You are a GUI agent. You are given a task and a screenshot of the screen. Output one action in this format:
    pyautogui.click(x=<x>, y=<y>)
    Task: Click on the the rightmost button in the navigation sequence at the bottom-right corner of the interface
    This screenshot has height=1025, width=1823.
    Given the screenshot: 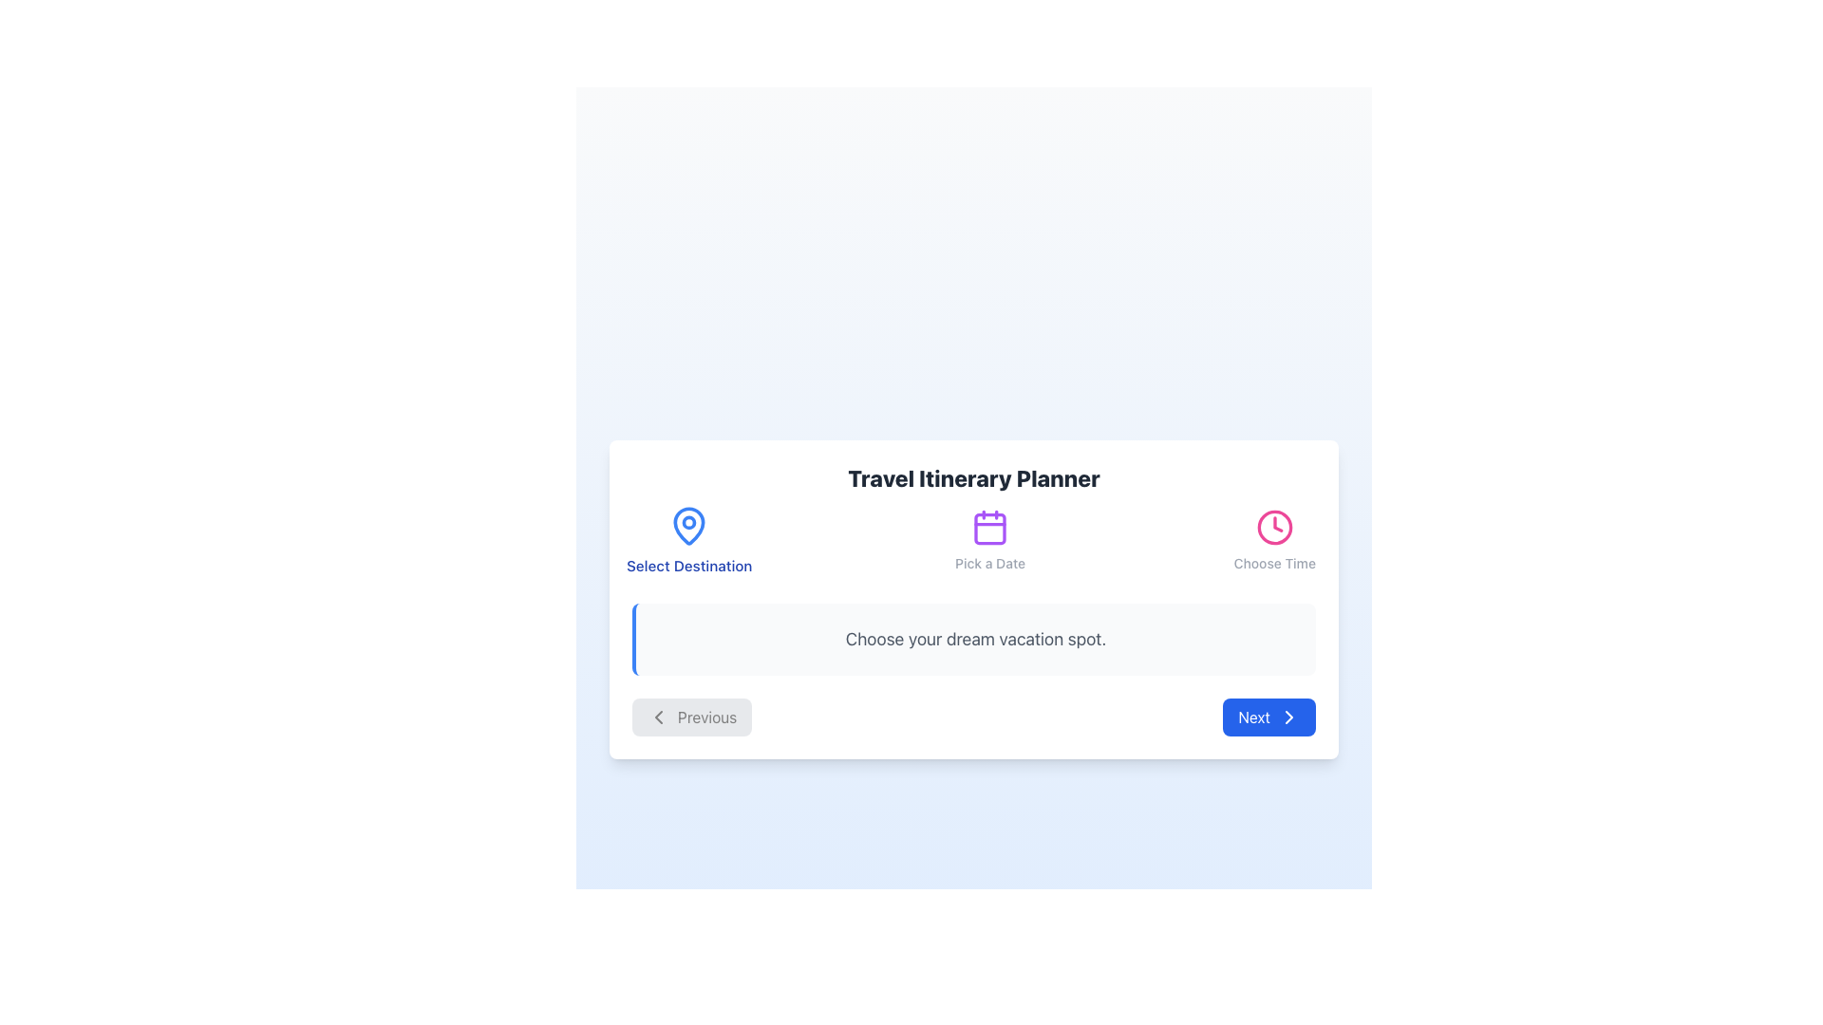 What is the action you would take?
    pyautogui.click(x=1269, y=717)
    